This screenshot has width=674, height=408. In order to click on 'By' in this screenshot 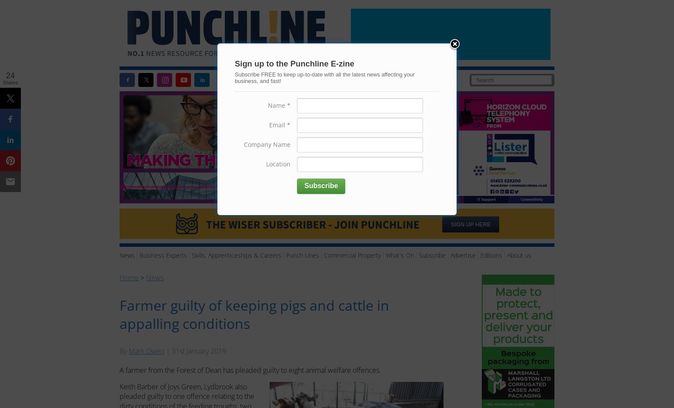, I will do `click(124, 351)`.